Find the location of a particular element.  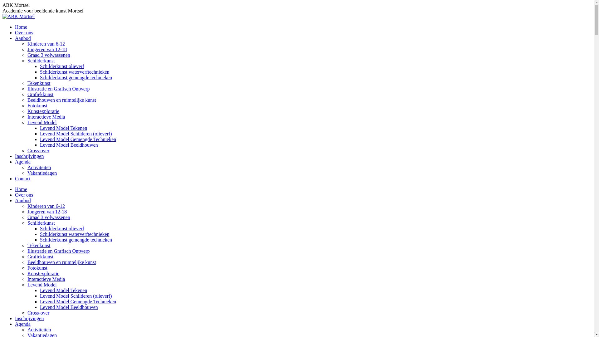

'Fotokunst' is located at coordinates (37, 267).